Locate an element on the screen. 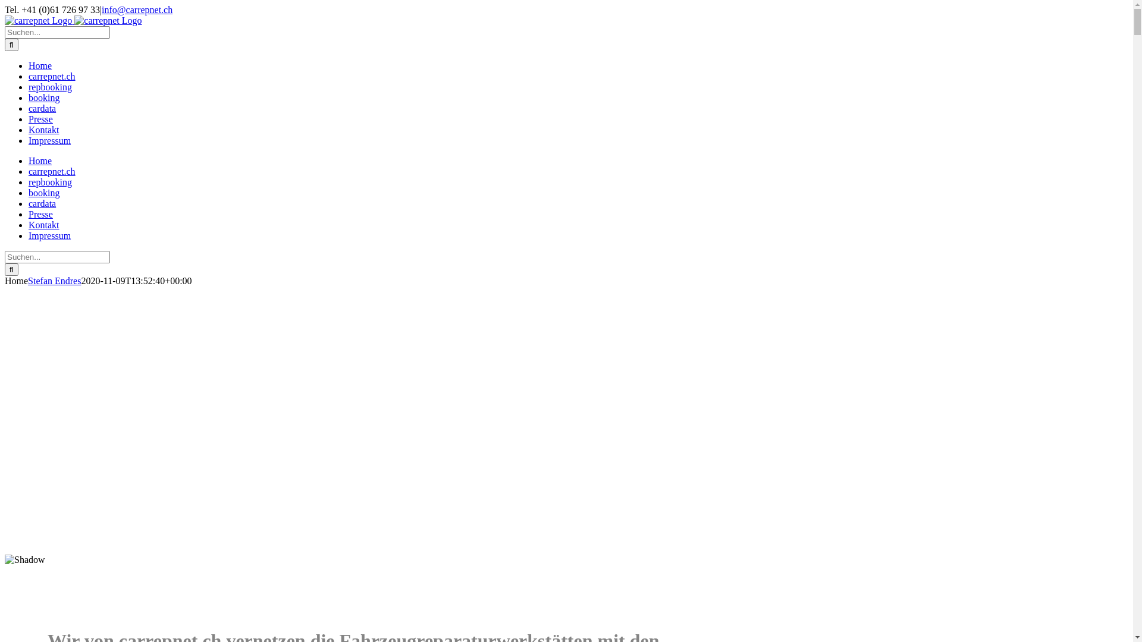  'Zum Inhalt springen' is located at coordinates (4, 4).